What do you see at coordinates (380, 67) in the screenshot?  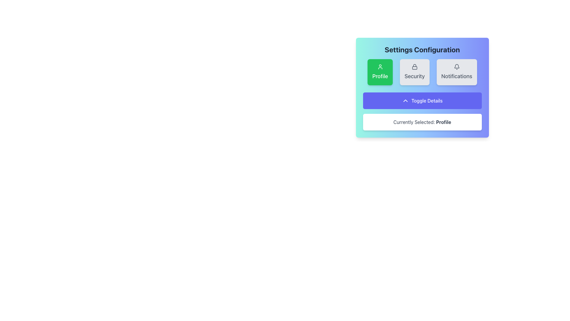 I see `the 'Profile' button that contains a user silhouette icon, located in the top-left corner of the button group in the 'Settings Configuration' panel` at bounding box center [380, 67].